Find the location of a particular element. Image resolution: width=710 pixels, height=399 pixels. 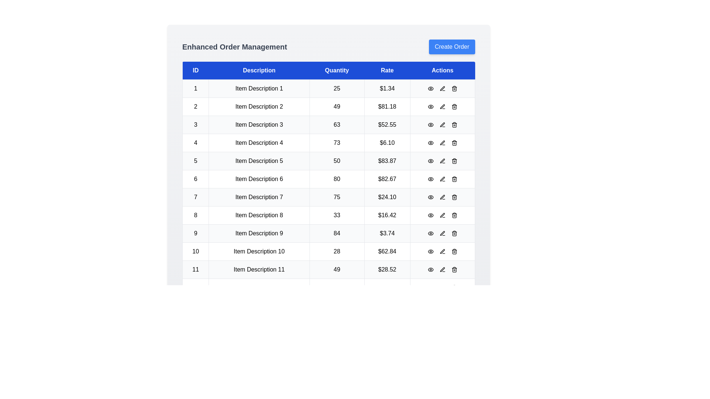

the header labeled Quantity to sort the table by that column is located at coordinates (337, 71).